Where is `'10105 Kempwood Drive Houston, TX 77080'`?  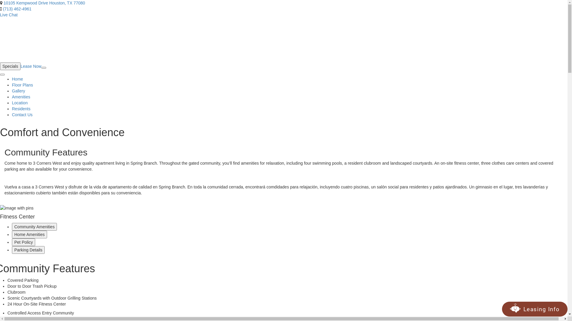
'10105 Kempwood Drive Houston, TX 77080' is located at coordinates (4, 3).